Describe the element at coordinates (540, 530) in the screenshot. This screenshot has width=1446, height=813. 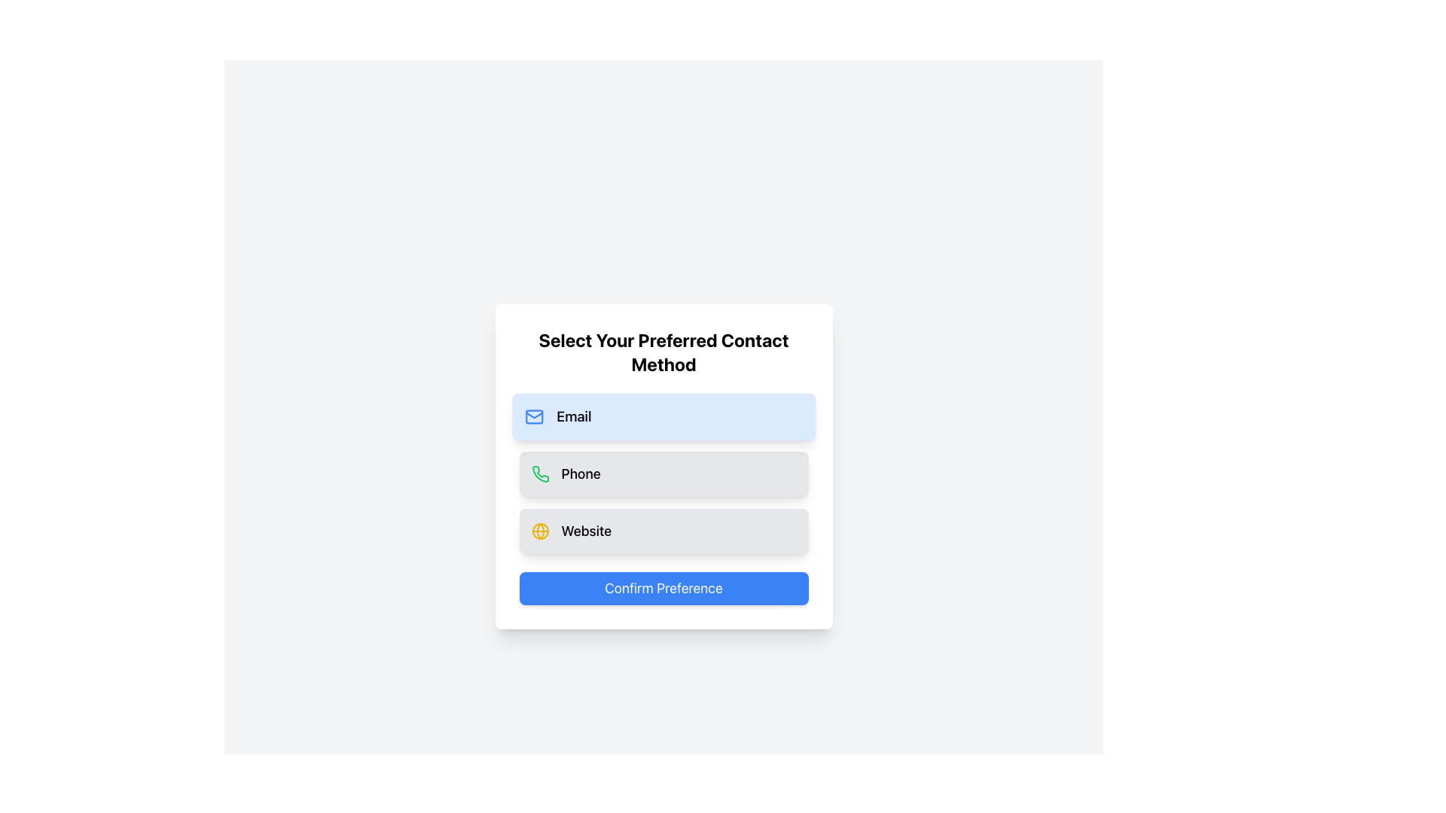
I see `the circular shape that forms part of the globe icon with golden-yellow strokes, located near the 'Website' option in the selection panel` at that location.